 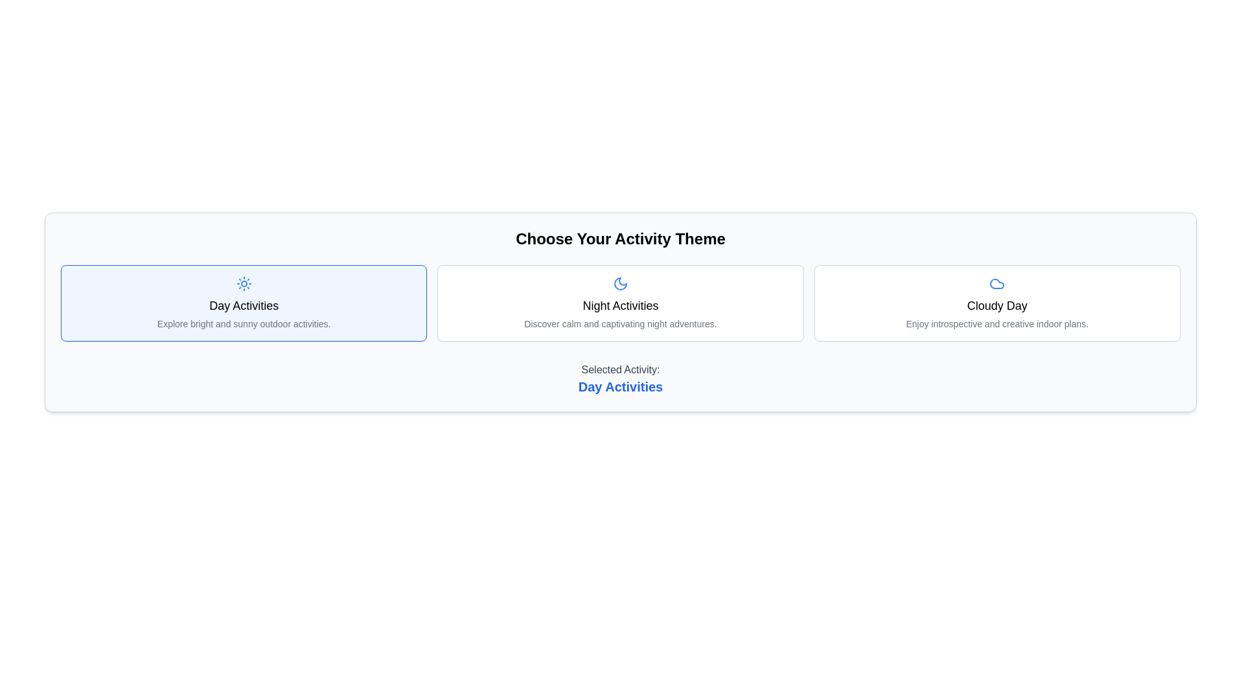 I want to click on the crescent moon icon located at the top of the 'Night Activities' card, above the section's title text, so click(x=619, y=283).